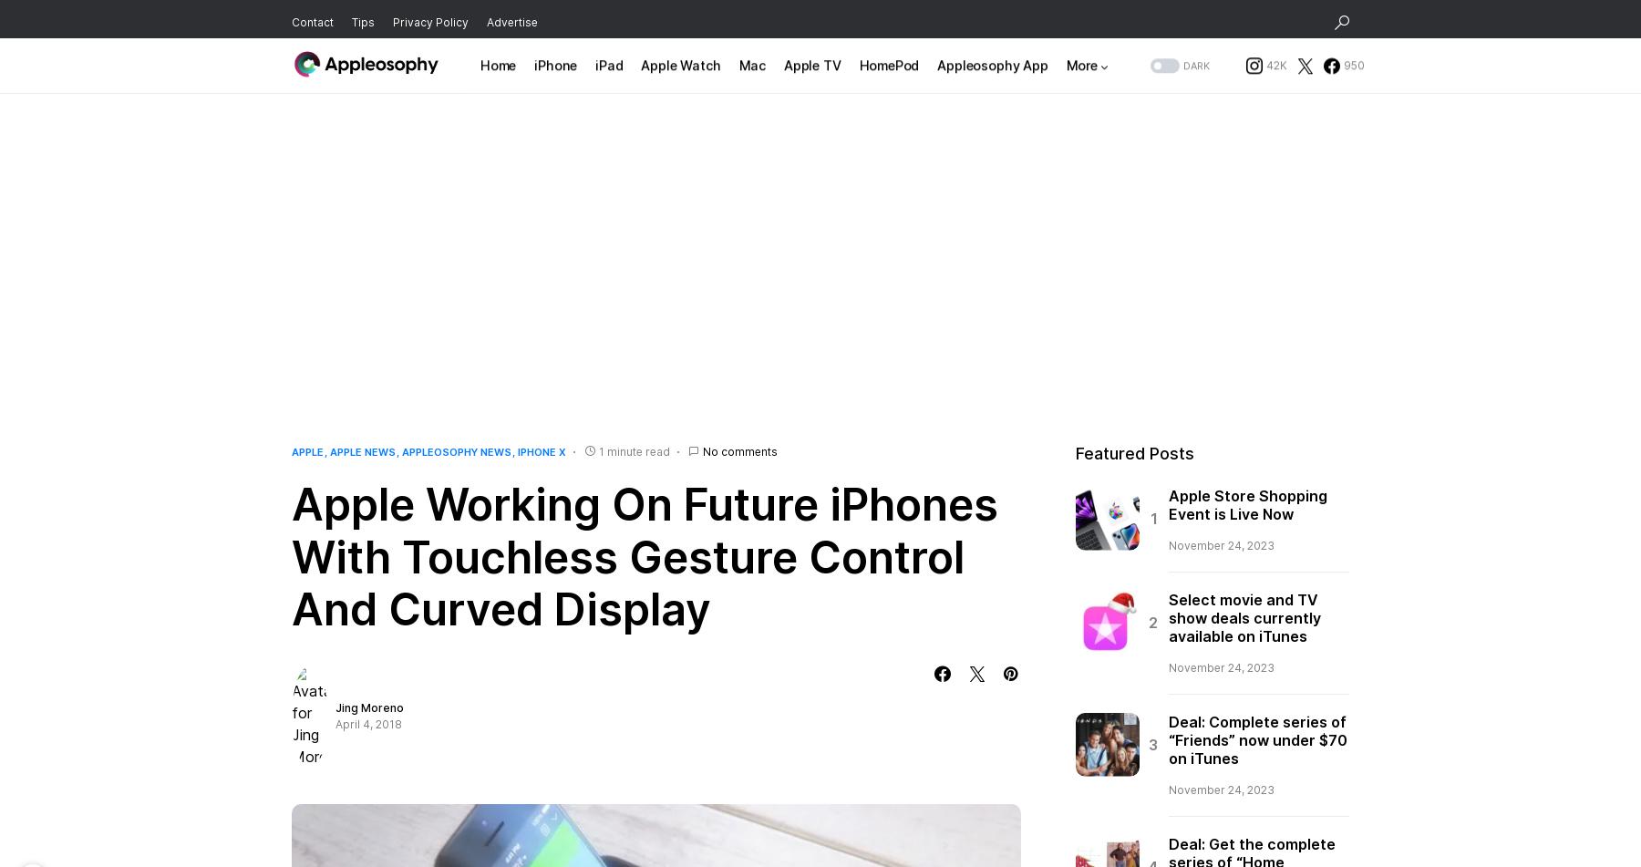 This screenshot has width=1641, height=867. Describe the element at coordinates (1247, 503) in the screenshot. I see `'Apple Store Shopping Event is Live Now'` at that location.